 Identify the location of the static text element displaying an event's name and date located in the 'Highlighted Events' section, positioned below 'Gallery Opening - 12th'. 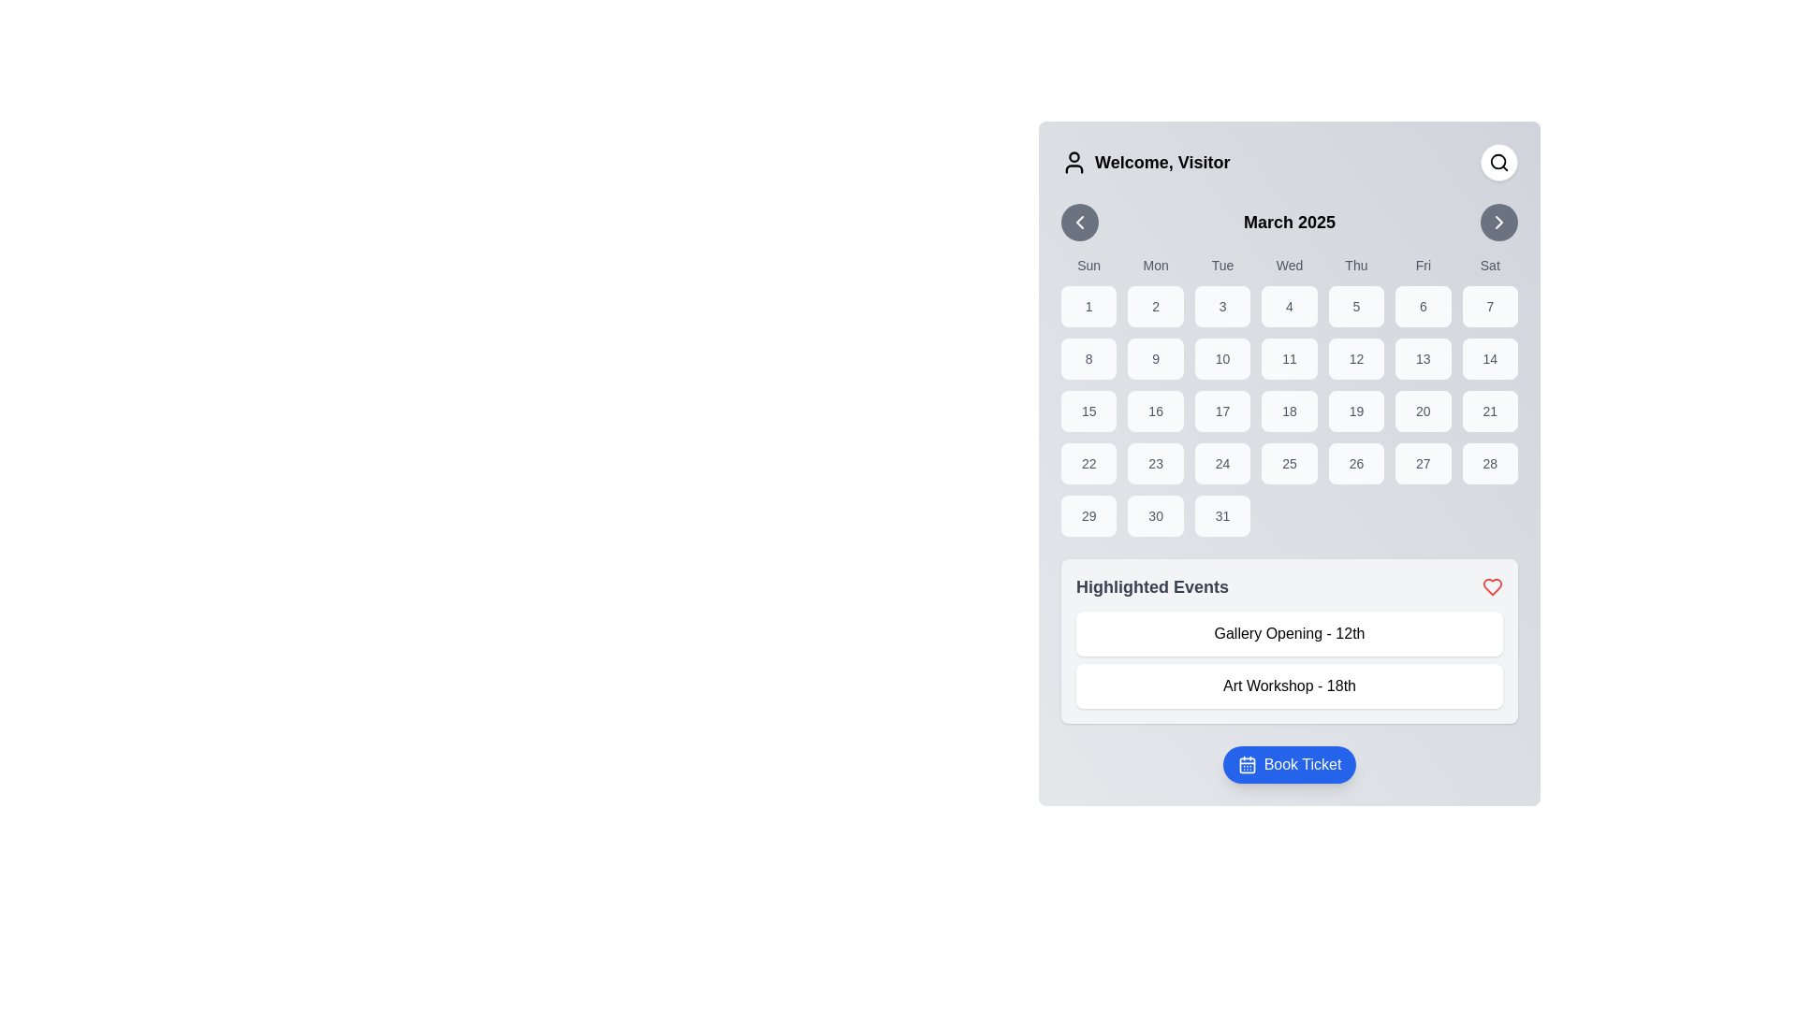
(1288, 685).